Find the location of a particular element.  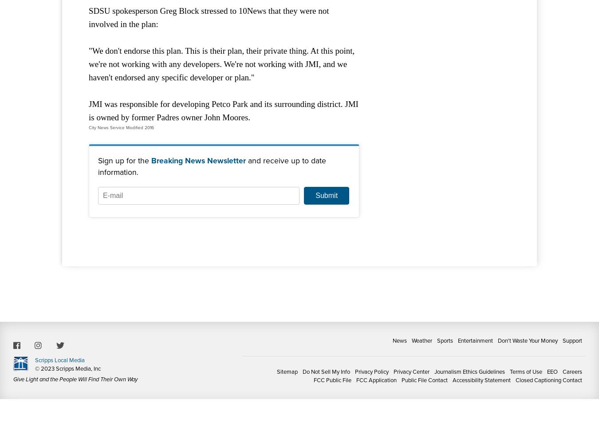

'EEO' is located at coordinates (552, 371).